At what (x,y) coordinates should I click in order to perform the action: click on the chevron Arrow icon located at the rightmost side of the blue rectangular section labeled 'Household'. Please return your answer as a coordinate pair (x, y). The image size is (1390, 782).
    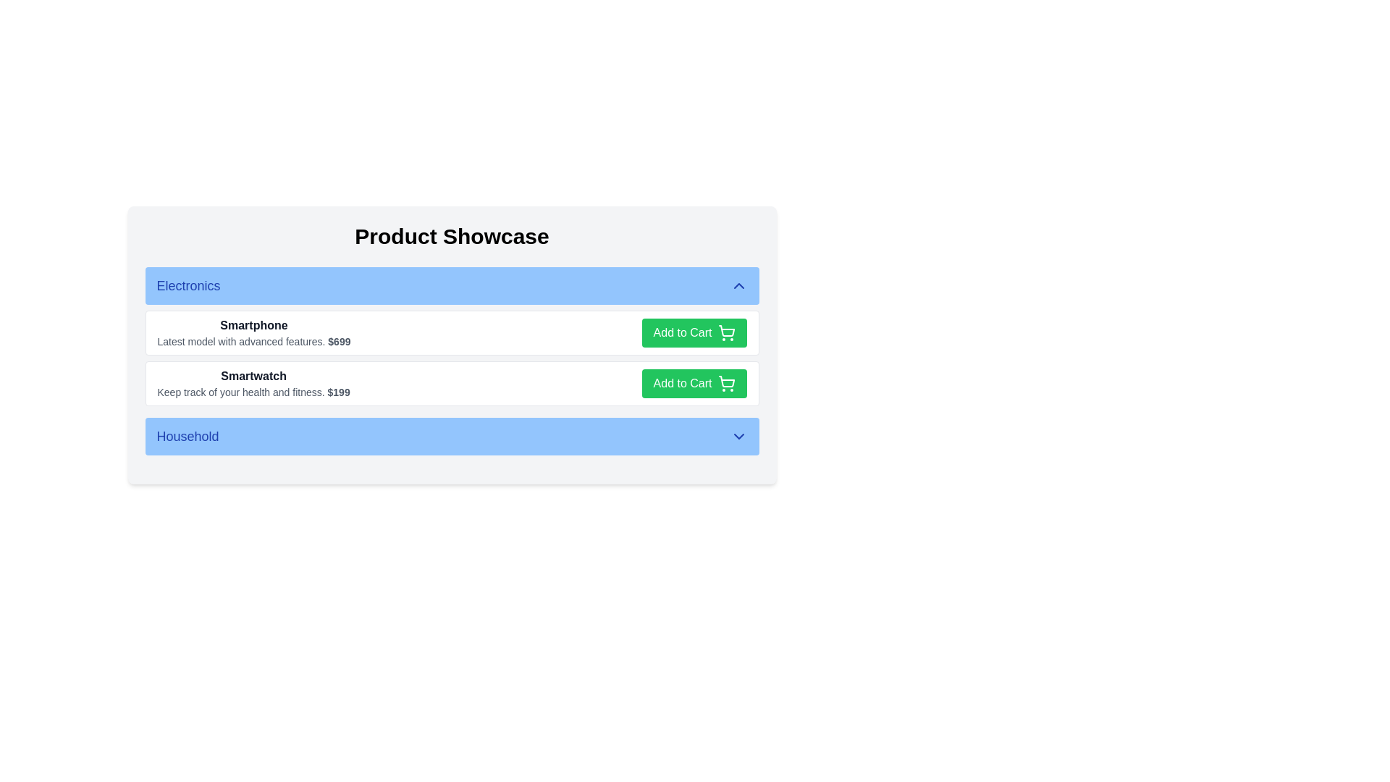
    Looking at the image, I should click on (738, 435).